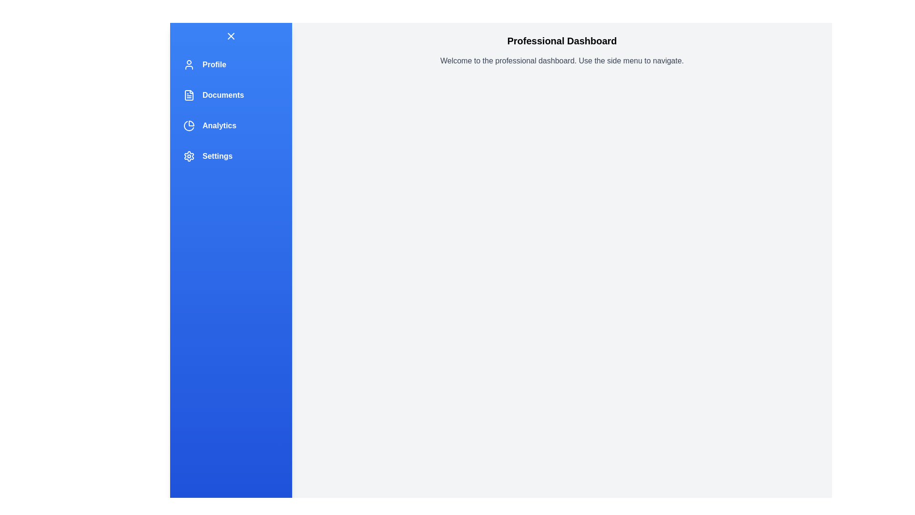  What do you see at coordinates (231, 125) in the screenshot?
I see `the menu option Analytics to navigate to the corresponding section` at bounding box center [231, 125].